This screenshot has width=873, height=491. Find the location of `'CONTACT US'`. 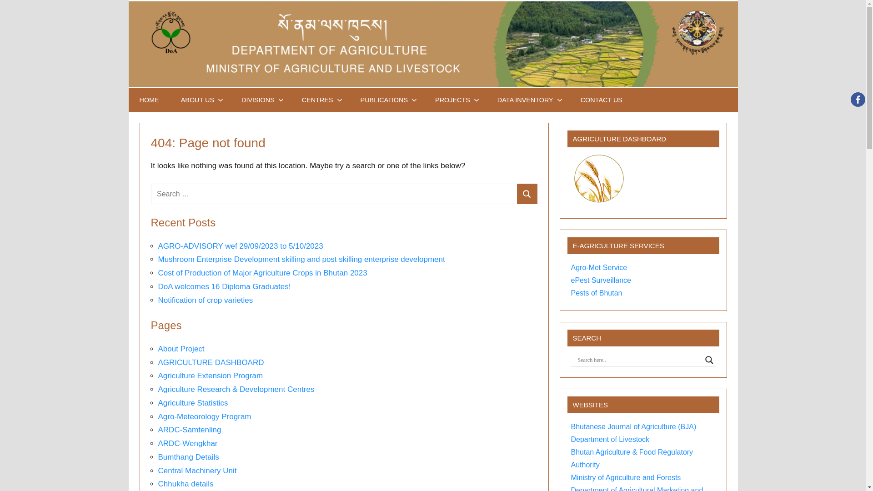

'CONTACT US' is located at coordinates (569, 100).